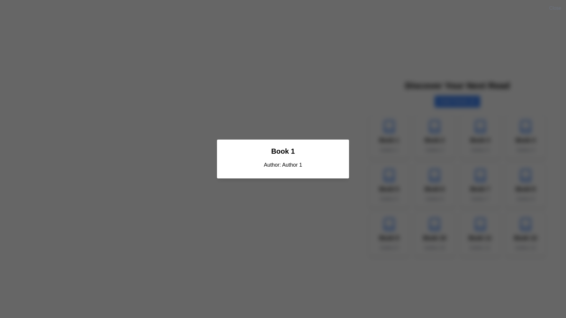 The height and width of the screenshot is (318, 566). I want to click on the book icon located at the bottom-right corner of the interface, which serves as a visual cue for reading-related functions, so click(525, 224).